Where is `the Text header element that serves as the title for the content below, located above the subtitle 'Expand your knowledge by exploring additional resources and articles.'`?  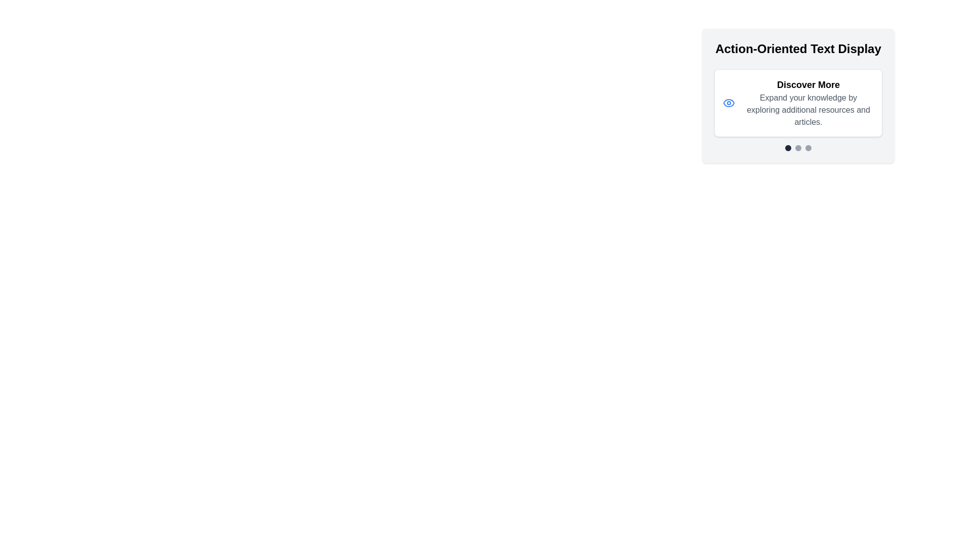 the Text header element that serves as the title for the content below, located above the subtitle 'Expand your knowledge by exploring additional resources and articles.' is located at coordinates (808, 84).